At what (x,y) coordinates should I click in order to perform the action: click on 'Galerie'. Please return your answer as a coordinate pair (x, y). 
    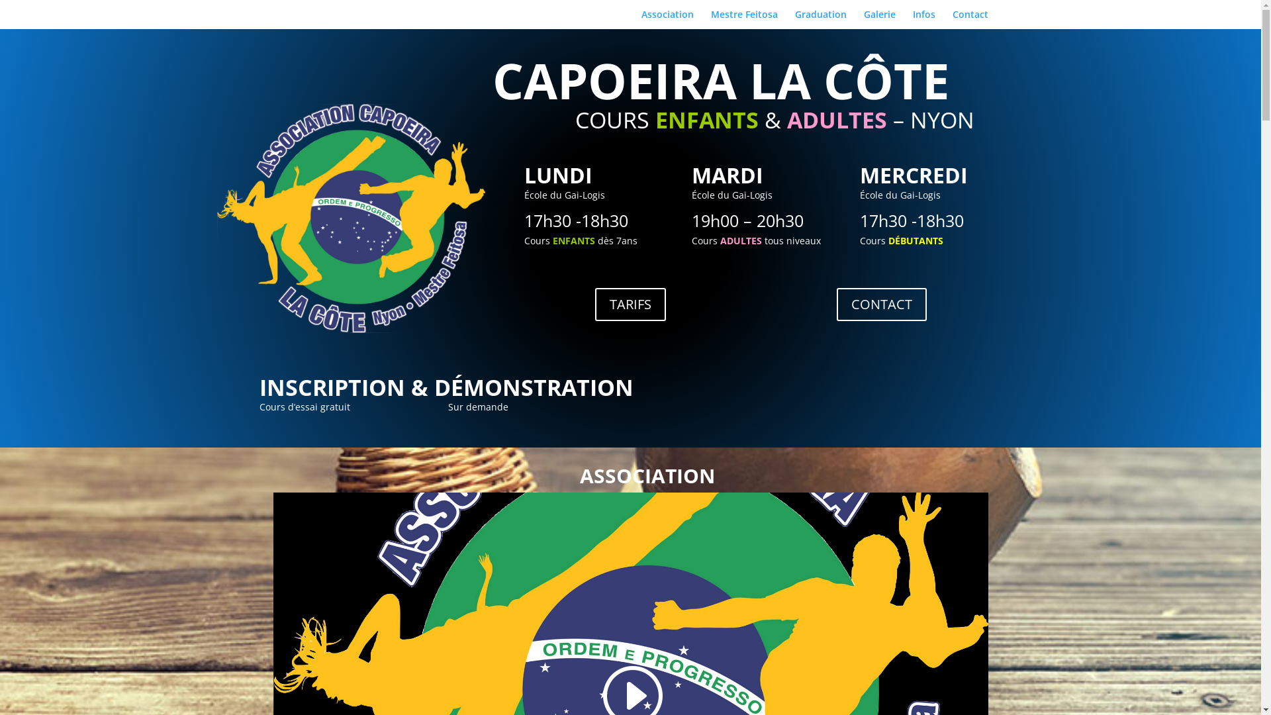
    Looking at the image, I should click on (879, 19).